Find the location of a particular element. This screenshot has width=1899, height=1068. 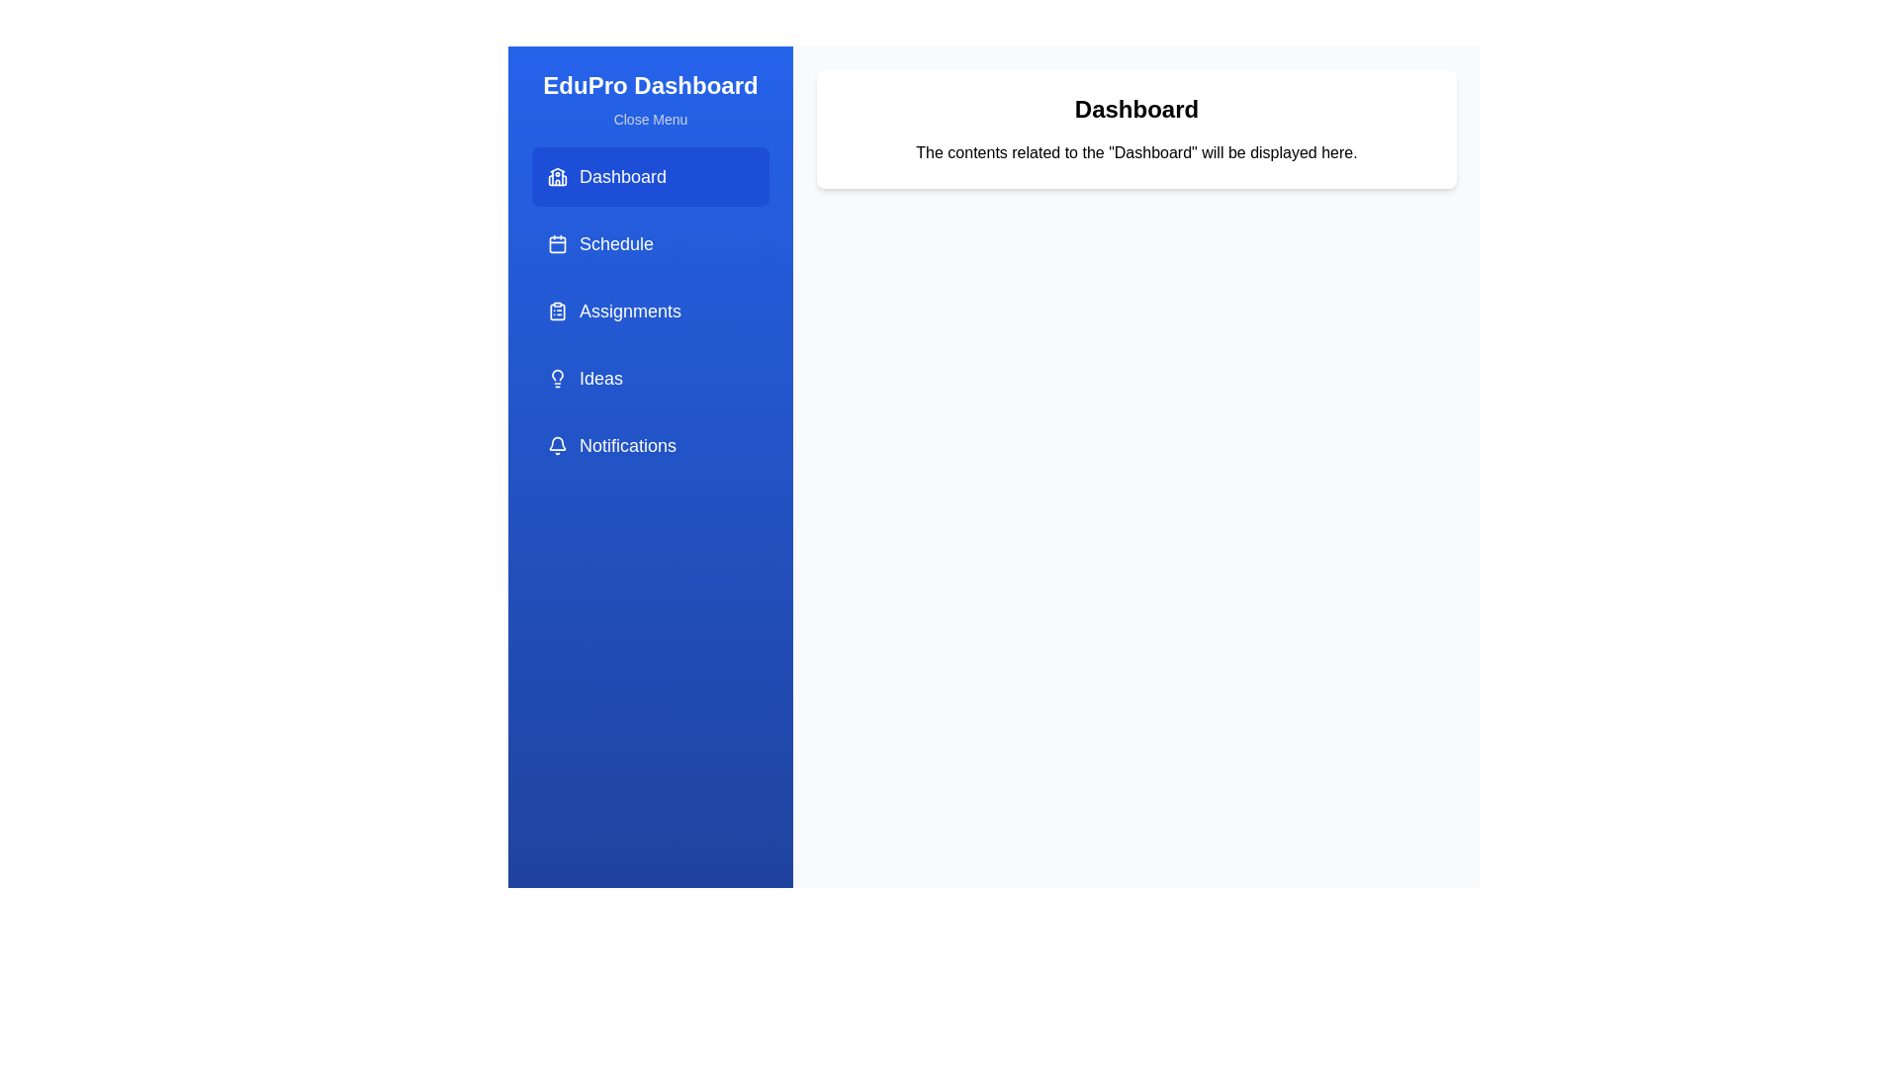

the Ideas section by clicking on its corresponding sidebar item is located at coordinates (650, 378).